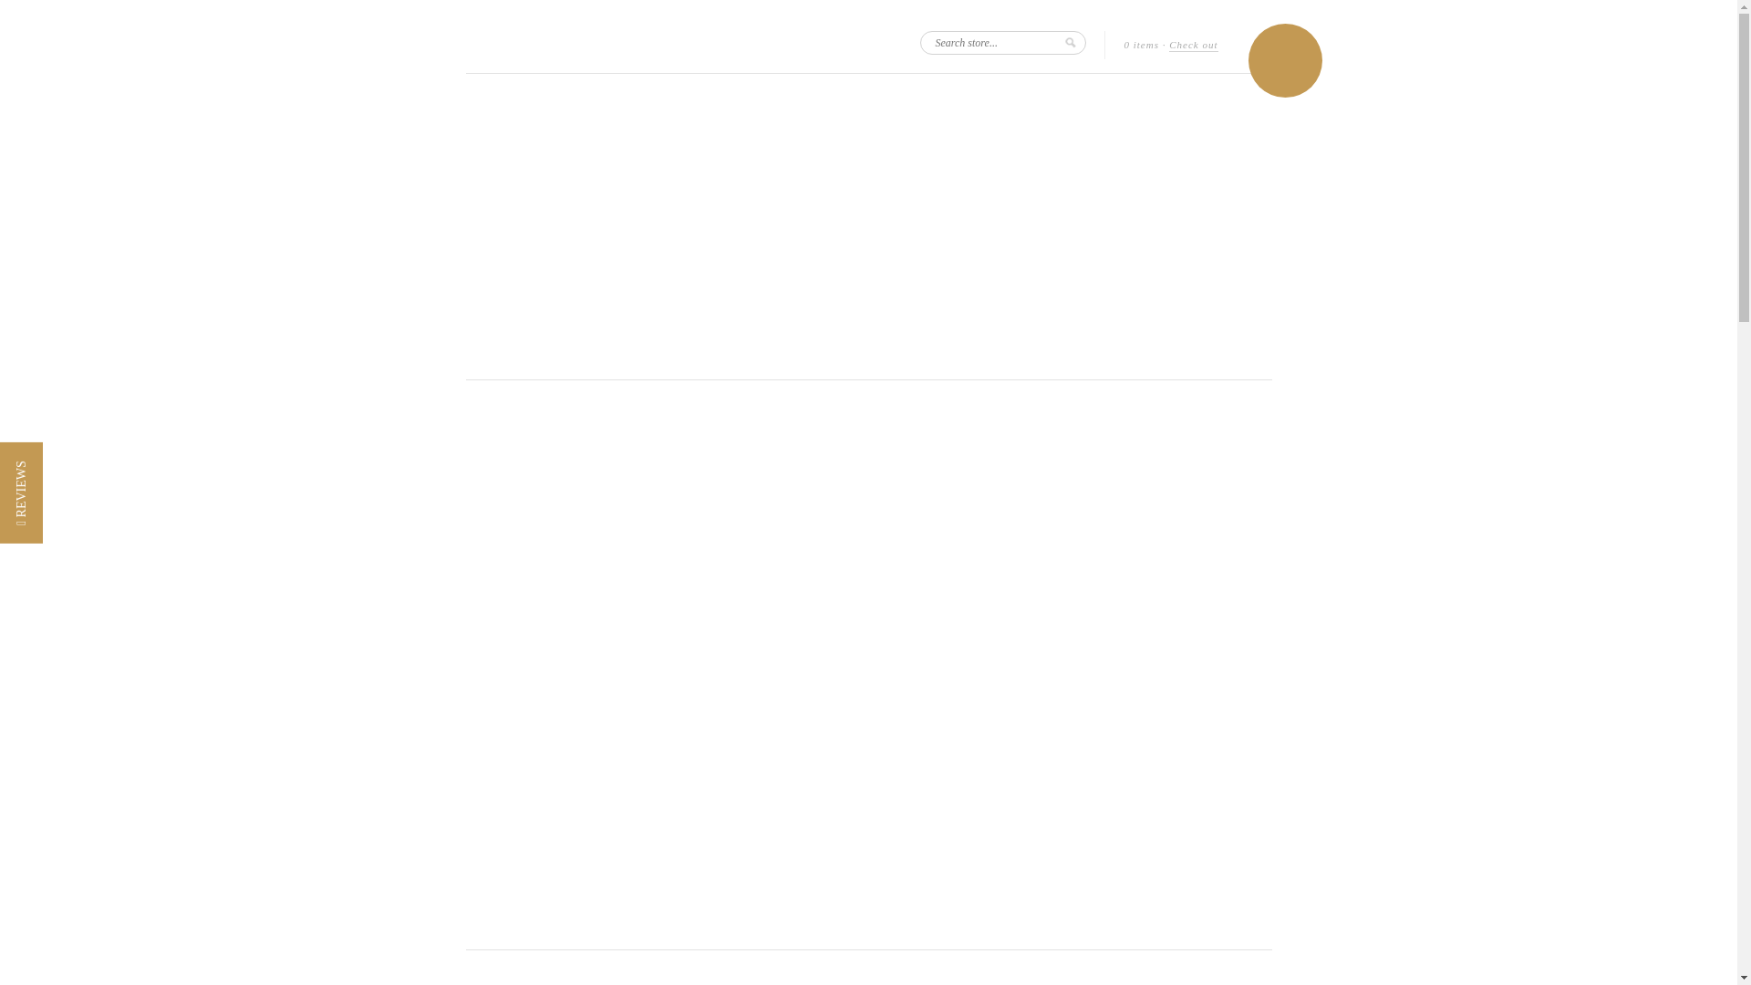  Describe the element at coordinates (1140, 44) in the screenshot. I see `'0 items'` at that location.